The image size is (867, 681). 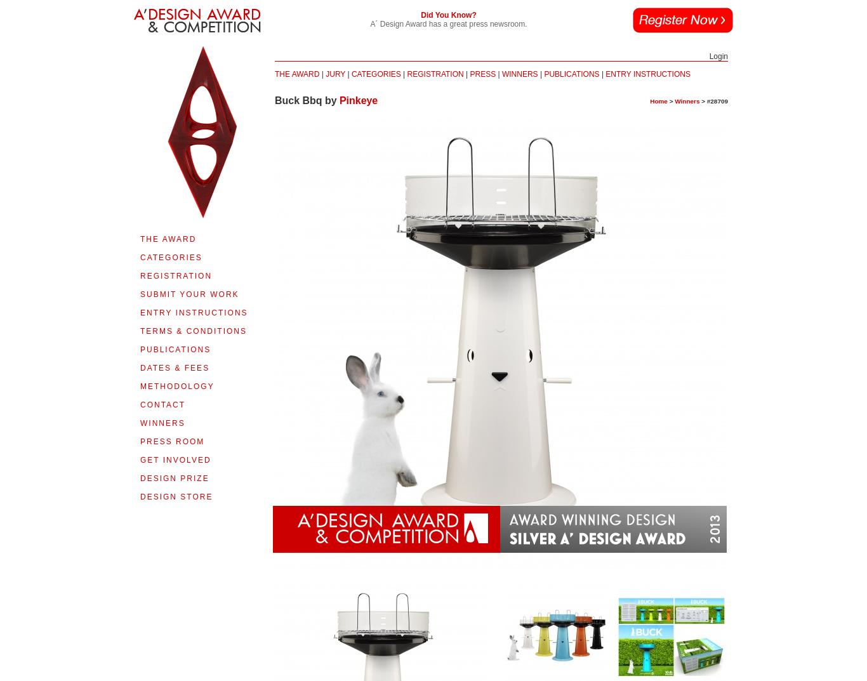 What do you see at coordinates (176, 386) in the screenshot?
I see `'METHODOLOGY'` at bounding box center [176, 386].